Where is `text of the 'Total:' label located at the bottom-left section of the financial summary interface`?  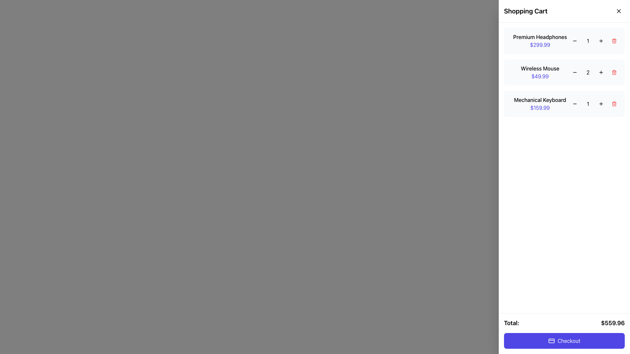
text of the 'Total:' label located at the bottom-left section of the financial summary interface is located at coordinates (511, 323).